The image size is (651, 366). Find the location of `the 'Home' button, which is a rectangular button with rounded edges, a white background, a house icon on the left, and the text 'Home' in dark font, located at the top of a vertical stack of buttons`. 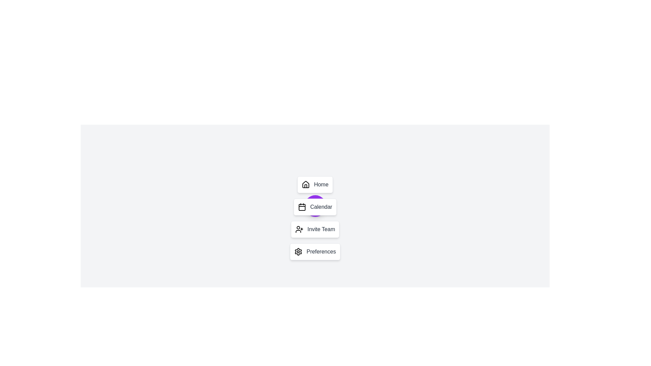

the 'Home' button, which is a rectangular button with rounded edges, a white background, a house icon on the left, and the text 'Home' in dark font, located at the top of a vertical stack of buttons is located at coordinates (315, 184).